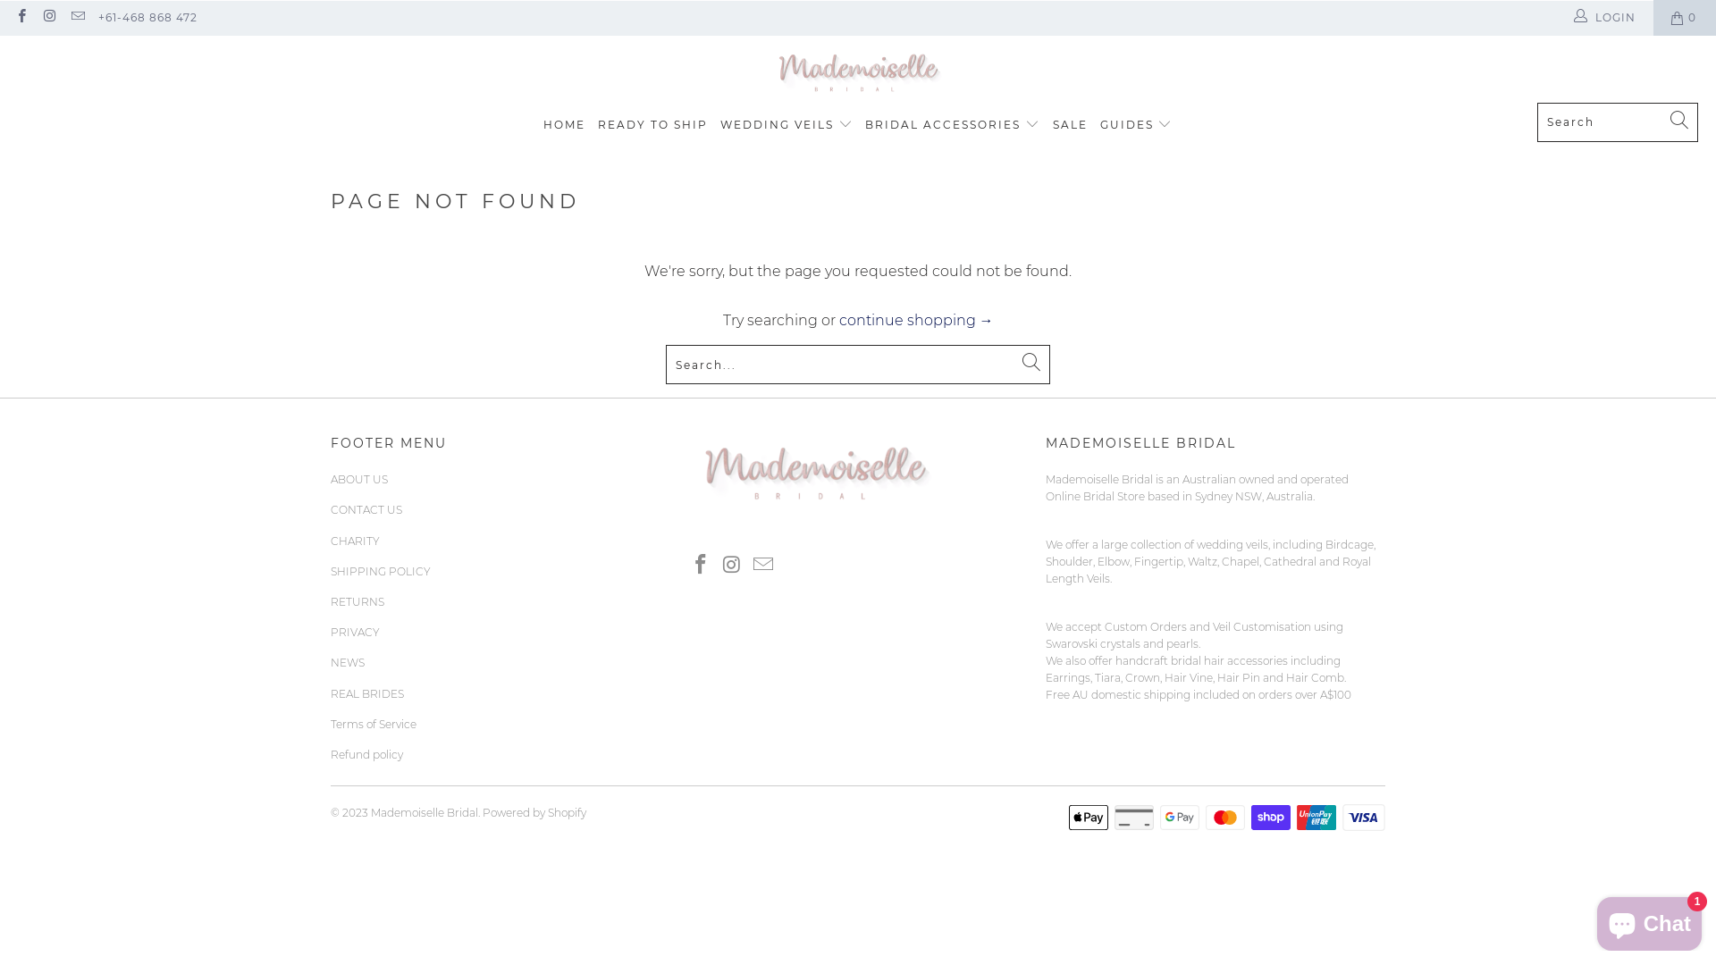 The width and height of the screenshot is (1716, 965). I want to click on 'WEDDING VEILS', so click(786, 123).